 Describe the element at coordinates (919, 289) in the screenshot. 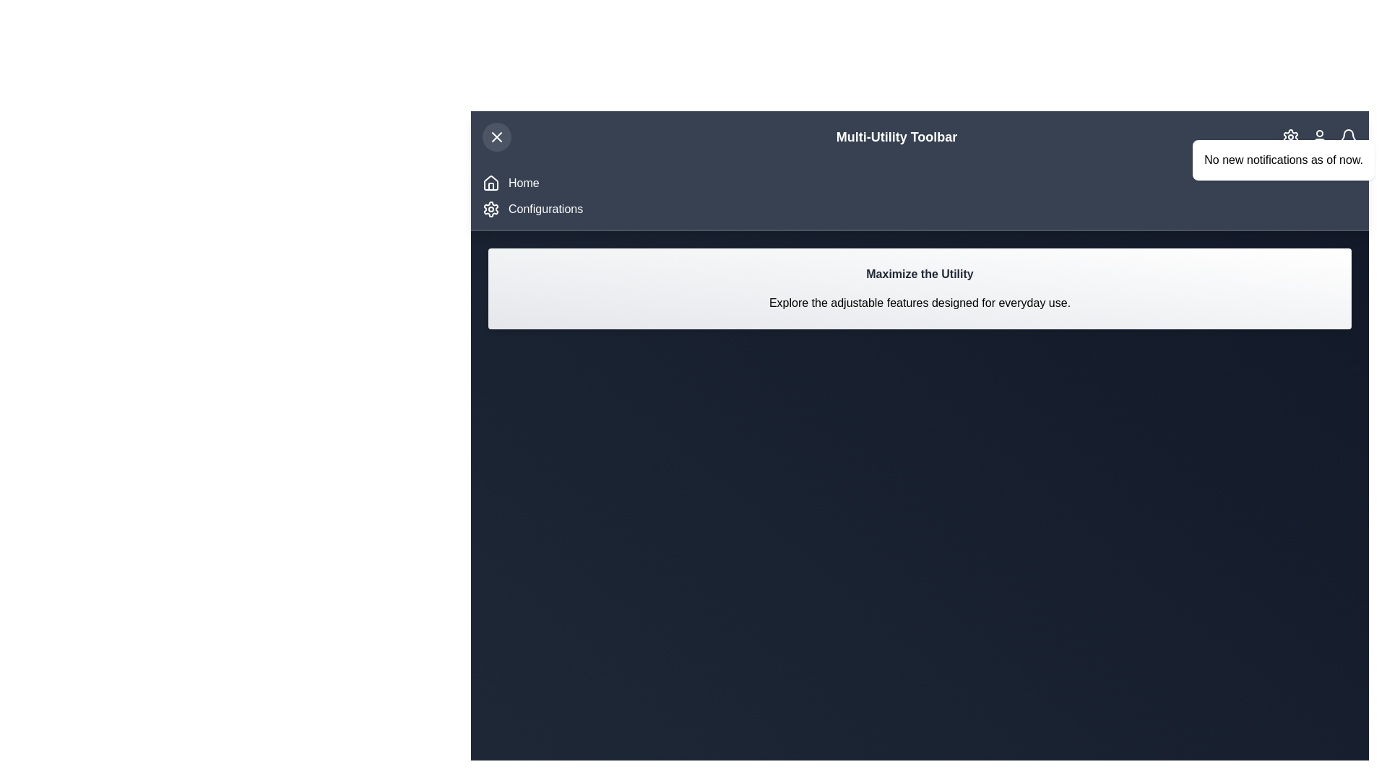

I see `the main content area to interact with the text` at that location.